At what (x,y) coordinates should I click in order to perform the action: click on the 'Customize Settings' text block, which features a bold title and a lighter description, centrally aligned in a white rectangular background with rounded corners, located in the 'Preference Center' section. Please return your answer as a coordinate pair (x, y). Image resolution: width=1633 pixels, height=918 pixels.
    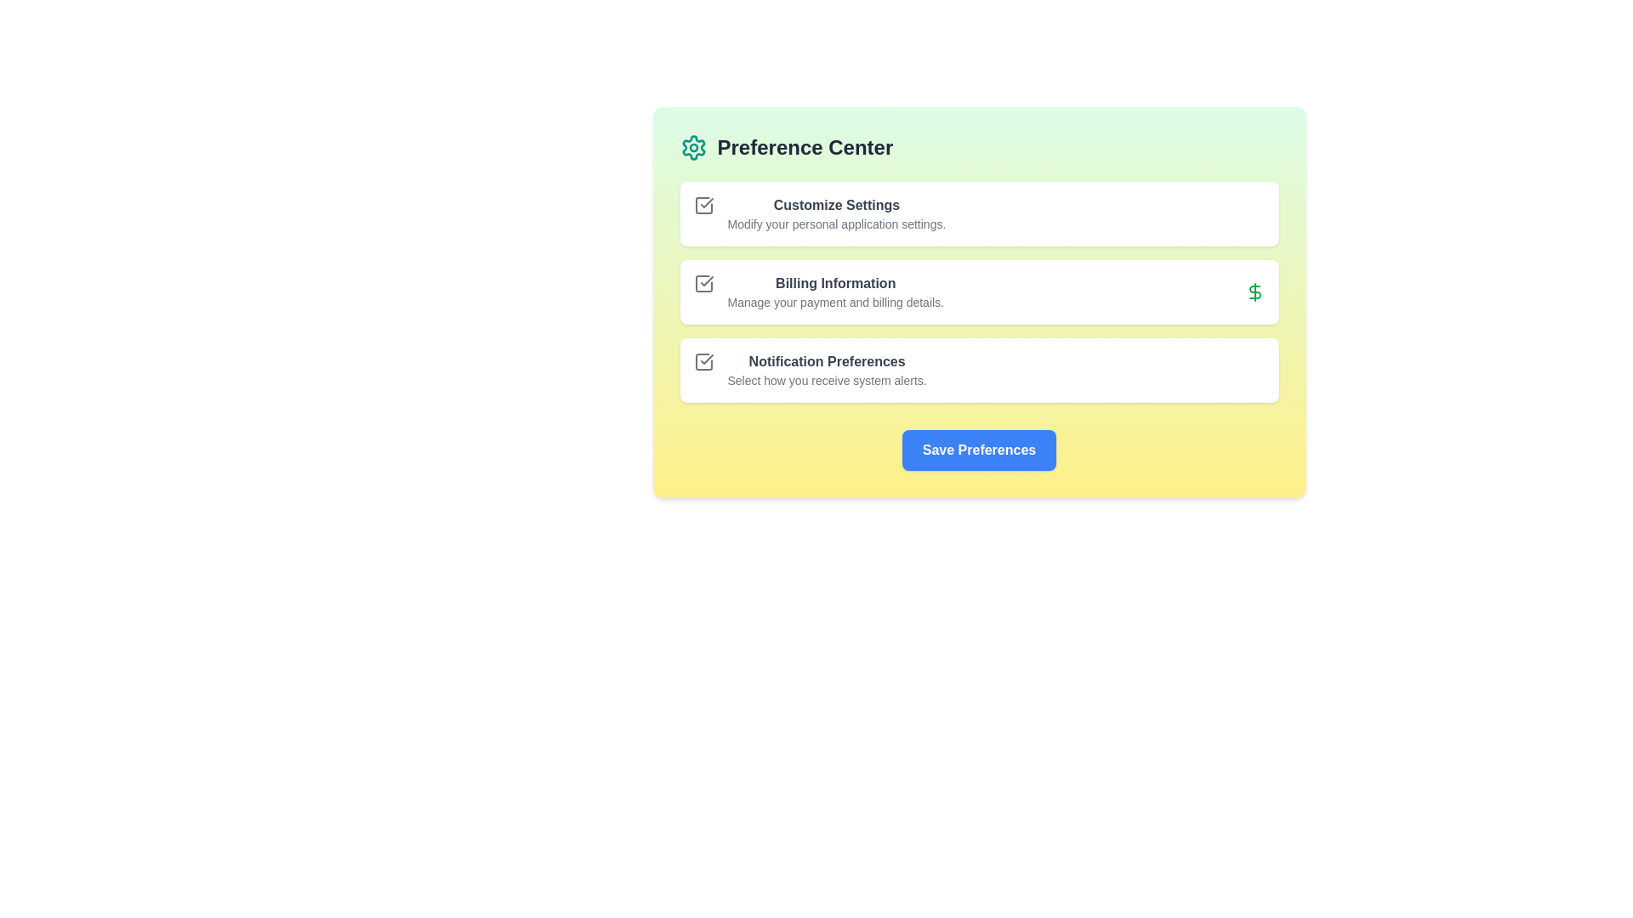
    Looking at the image, I should click on (836, 212).